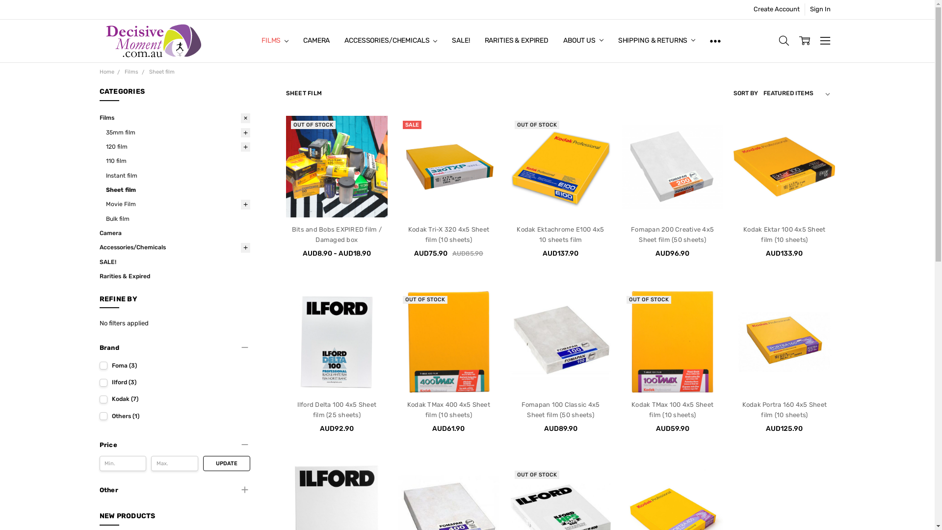 The height and width of the screenshot is (530, 942). What do you see at coordinates (106, 71) in the screenshot?
I see `'Home'` at bounding box center [106, 71].